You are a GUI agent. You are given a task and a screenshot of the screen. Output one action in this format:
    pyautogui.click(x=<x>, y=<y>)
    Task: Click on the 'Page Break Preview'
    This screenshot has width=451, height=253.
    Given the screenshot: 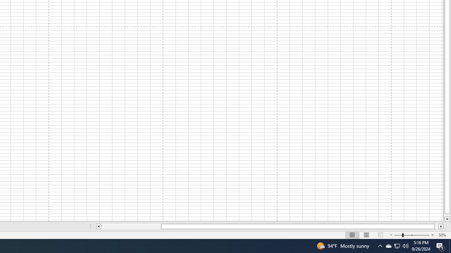 What is the action you would take?
    pyautogui.click(x=380, y=235)
    